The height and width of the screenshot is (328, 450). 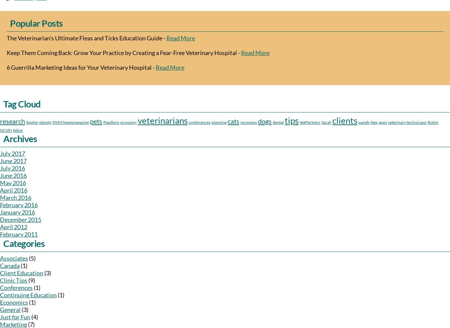 What do you see at coordinates (20, 219) in the screenshot?
I see `'December 2015'` at bounding box center [20, 219].